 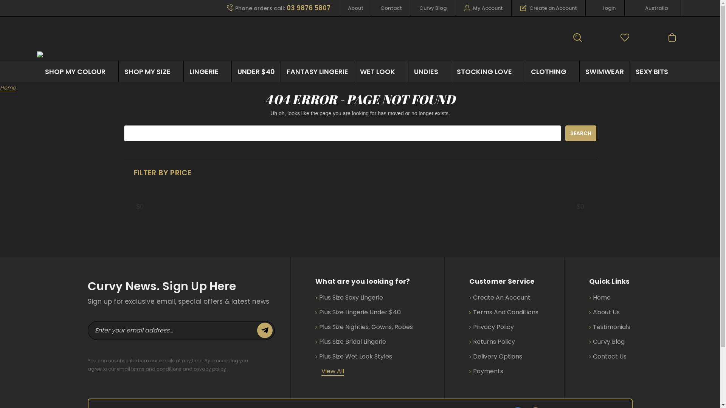 I want to click on 'Plus Size Bridal Lingerie', so click(x=350, y=342).